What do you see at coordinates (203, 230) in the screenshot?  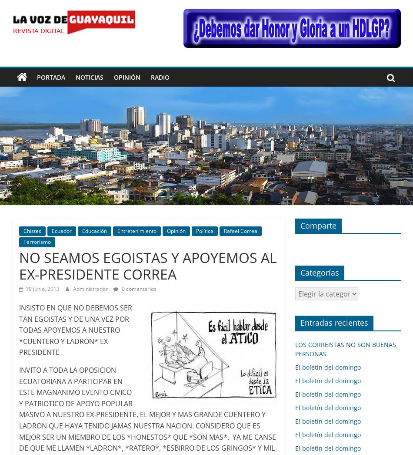 I see `'Política'` at bounding box center [203, 230].